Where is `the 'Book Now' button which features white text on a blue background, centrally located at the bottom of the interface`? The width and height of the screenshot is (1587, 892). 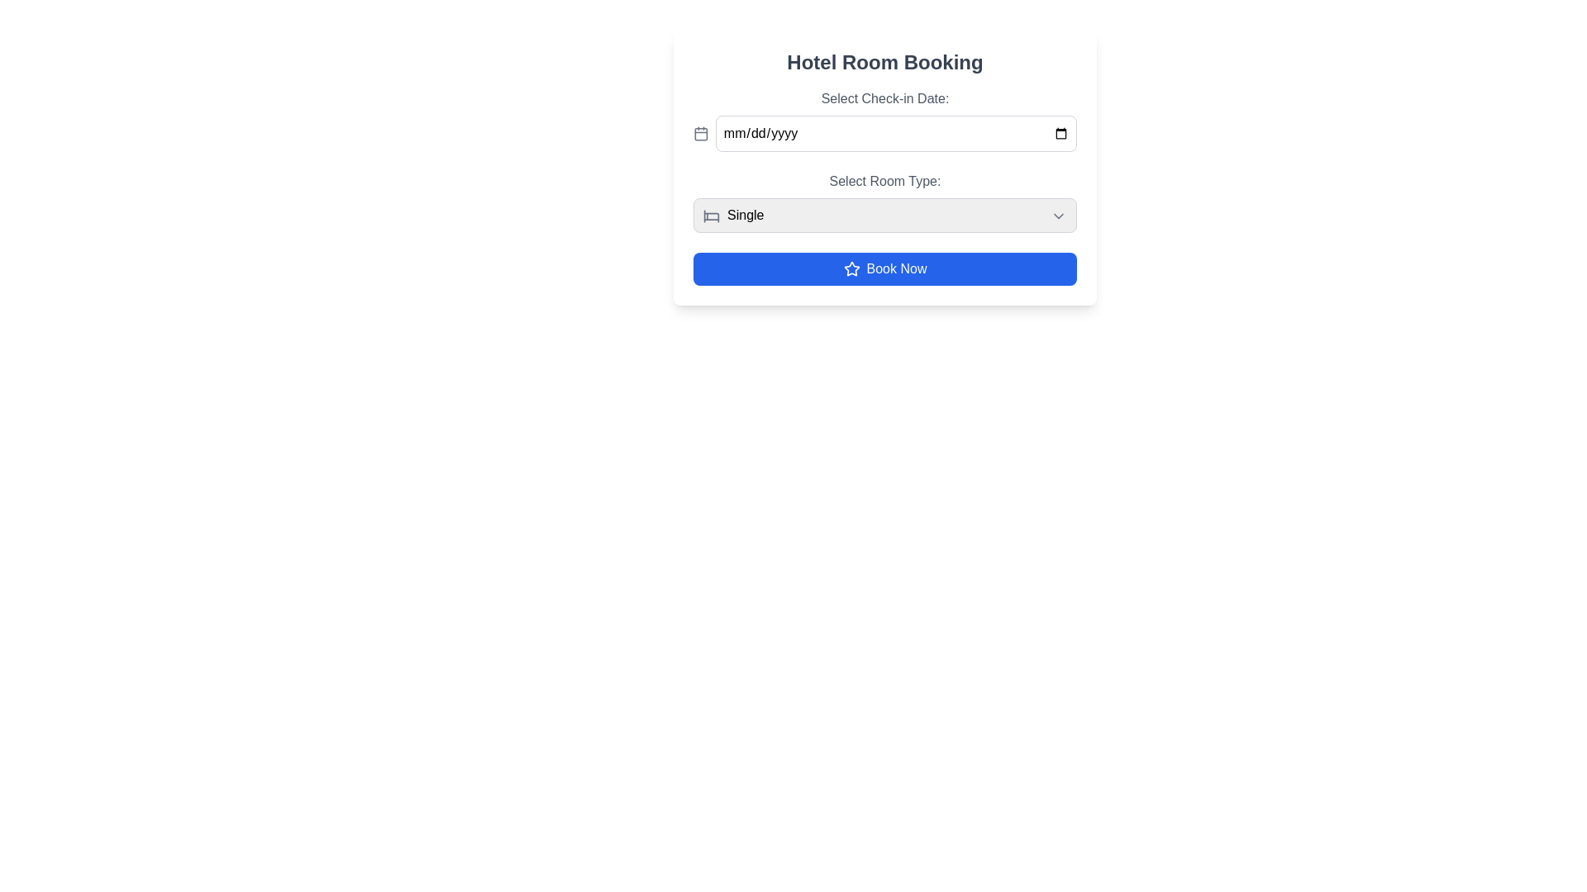 the 'Book Now' button which features white text on a blue background, centrally located at the bottom of the interface is located at coordinates (895, 268).